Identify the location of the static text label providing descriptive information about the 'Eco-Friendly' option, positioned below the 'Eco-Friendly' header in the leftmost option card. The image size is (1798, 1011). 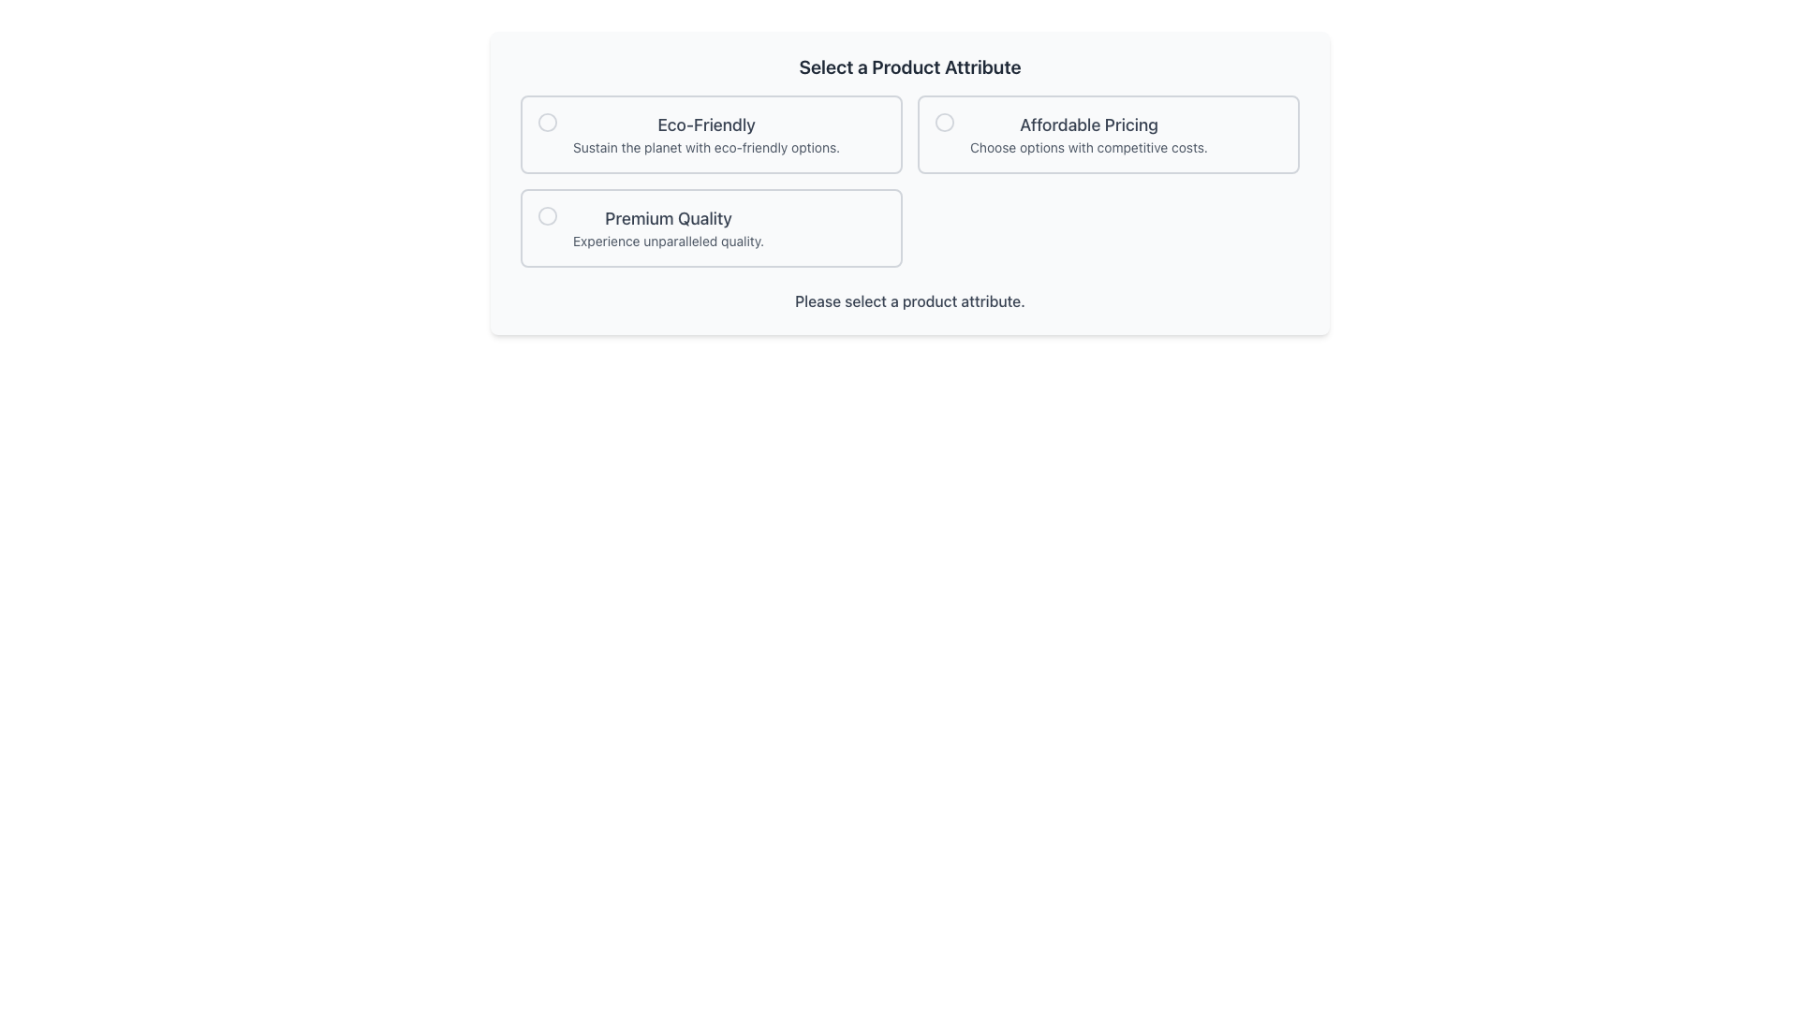
(705, 147).